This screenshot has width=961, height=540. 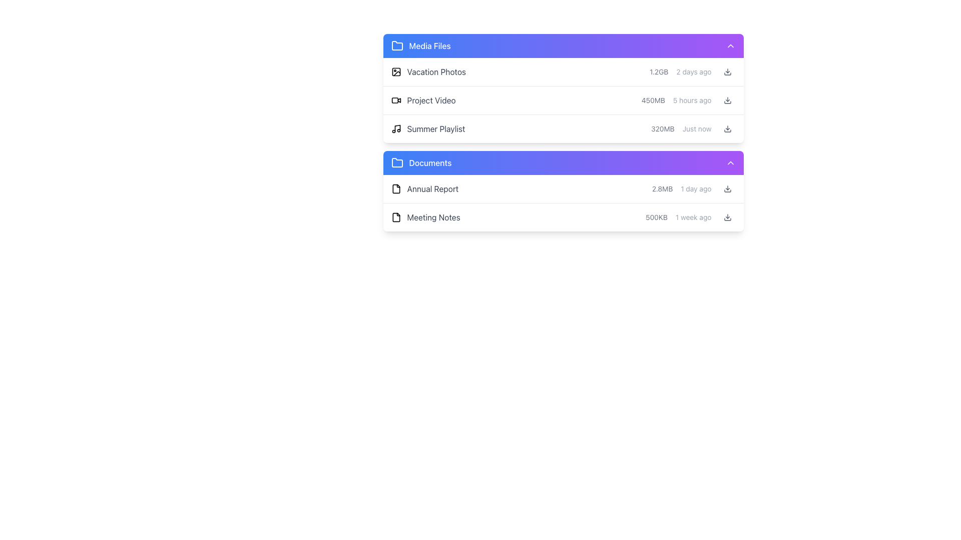 What do you see at coordinates (431, 100) in the screenshot?
I see `the text label identifying the media file named 'Project Video', which is the second item in the 'Media Files' listing, positioned between 'Vacation Photos' and 'Summer Playlist'` at bounding box center [431, 100].